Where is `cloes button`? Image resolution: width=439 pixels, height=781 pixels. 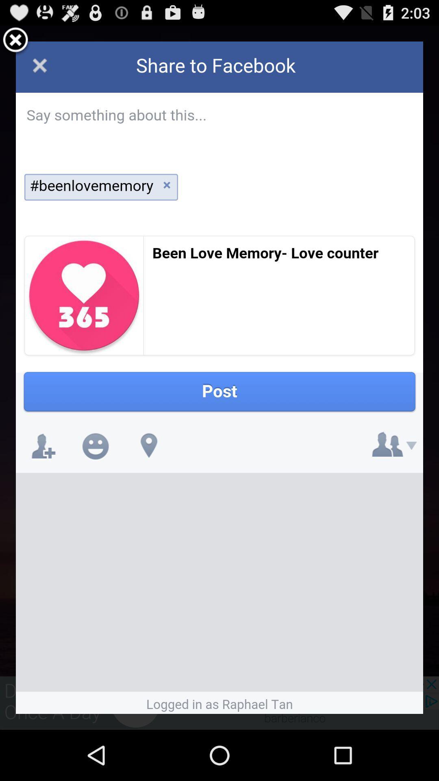 cloes button is located at coordinates (15, 41).